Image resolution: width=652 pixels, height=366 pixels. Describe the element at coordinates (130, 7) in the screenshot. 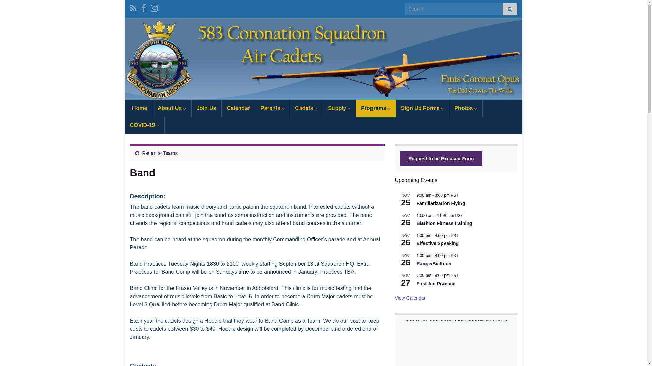

I see `'Subscribe to 583 Coronation Squadron's RSS feed'` at that location.